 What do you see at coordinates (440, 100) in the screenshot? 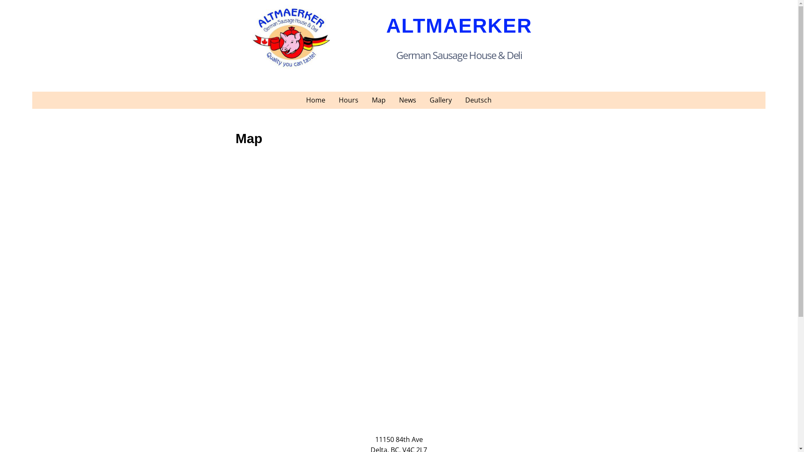
I see `'Gallery'` at bounding box center [440, 100].